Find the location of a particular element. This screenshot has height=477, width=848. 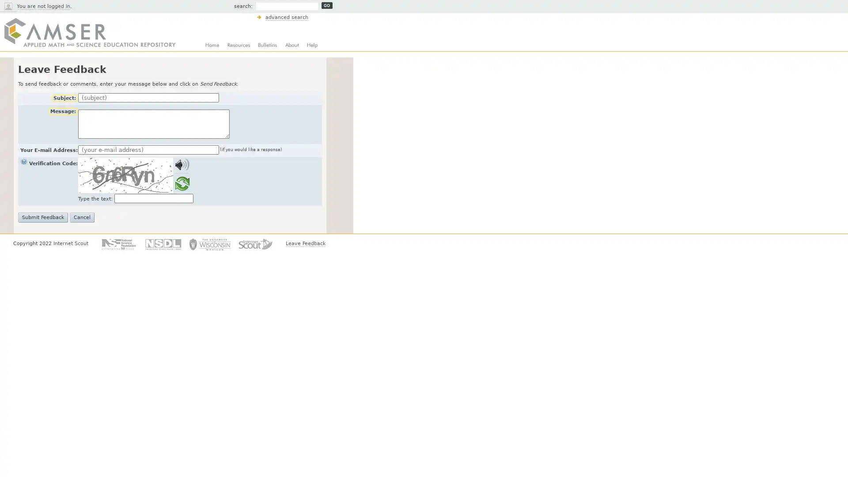

Submit Feedback is located at coordinates (42, 217).